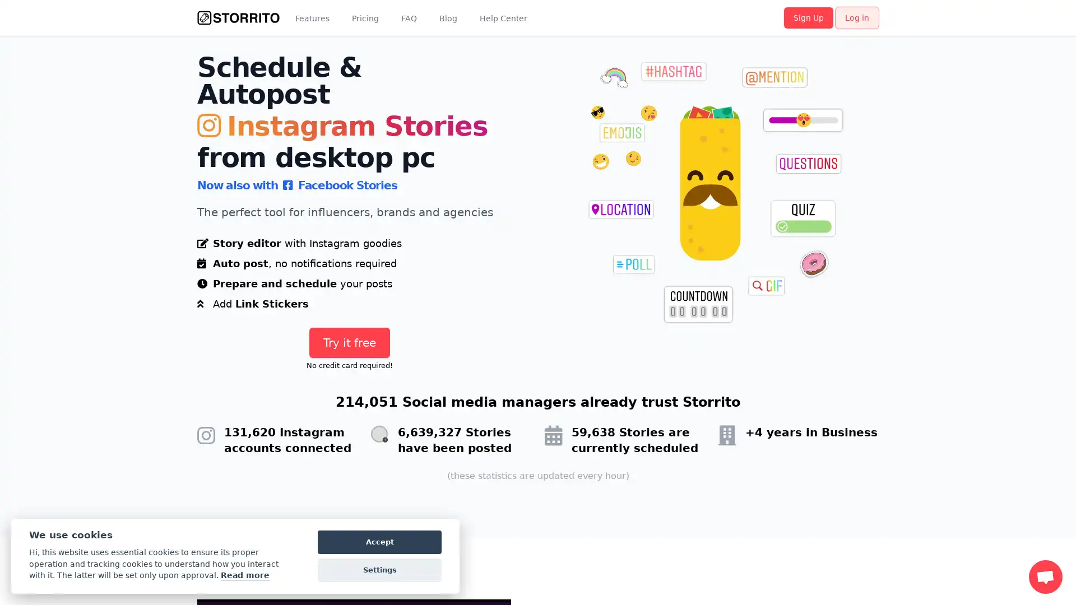 The image size is (1076, 605). I want to click on Settings, so click(379, 570).